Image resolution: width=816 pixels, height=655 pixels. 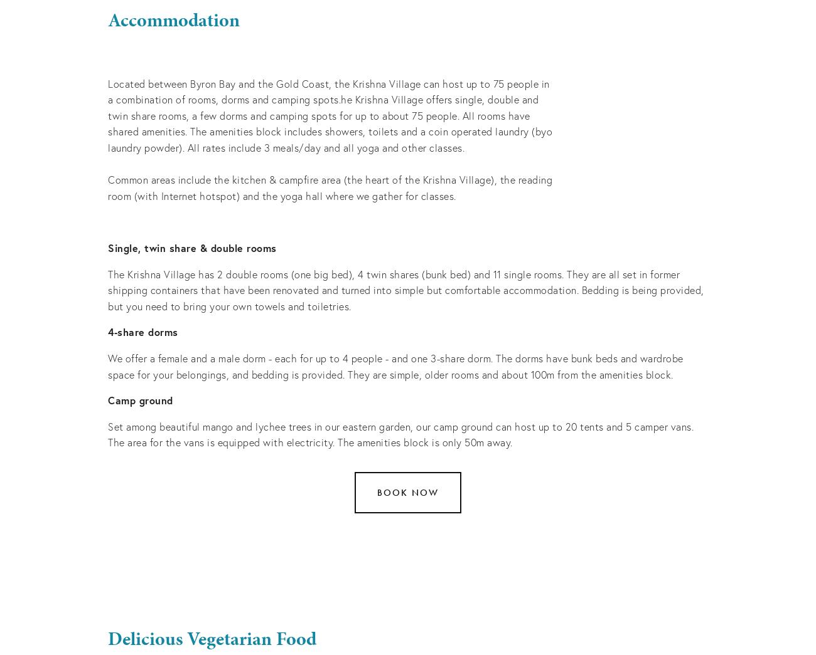 I want to click on 'Accommodation', so click(x=107, y=19).